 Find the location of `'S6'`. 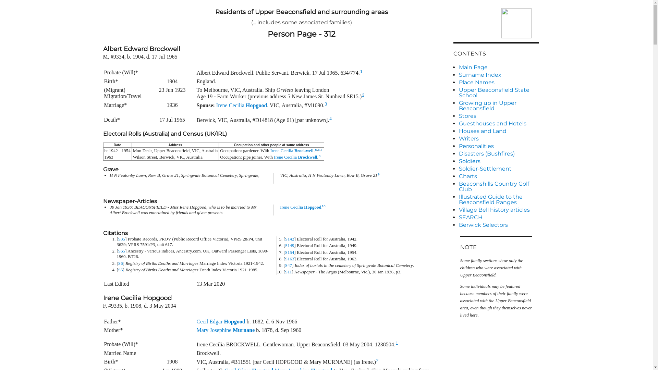

'S6' is located at coordinates (120, 263).